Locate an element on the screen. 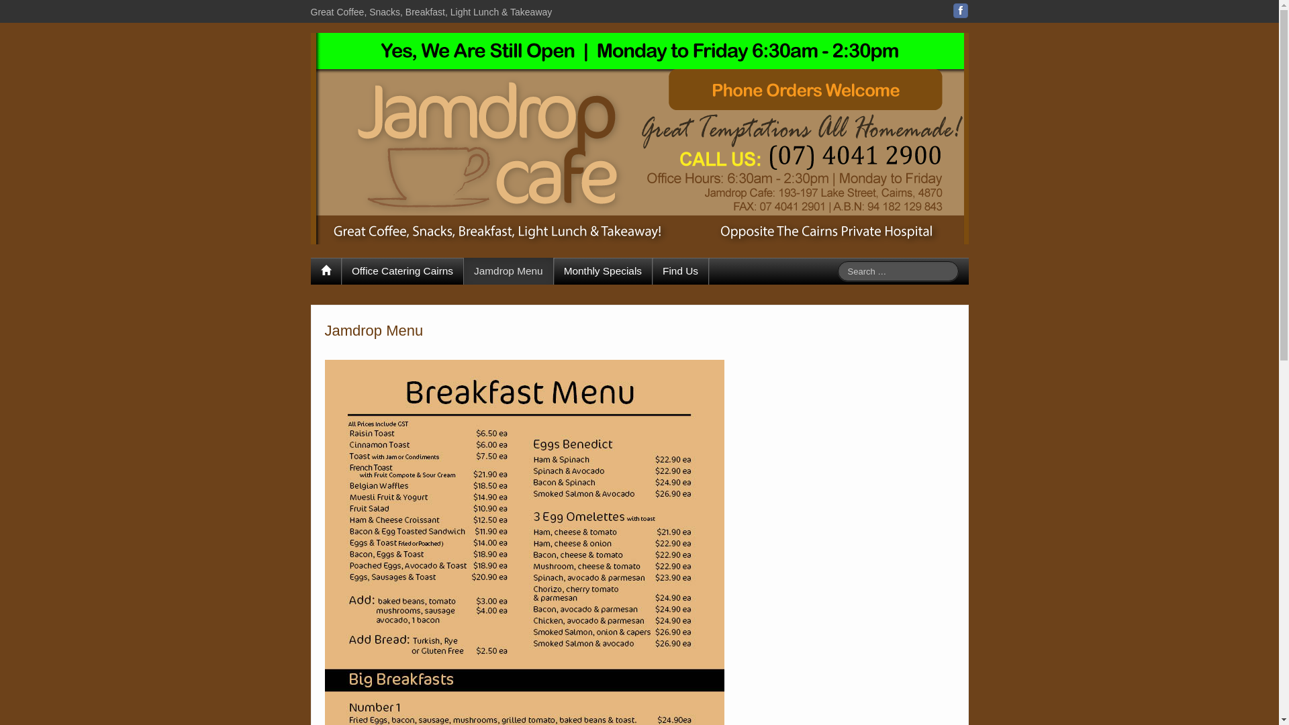 Image resolution: width=1289 pixels, height=725 pixels. 'Jamdrop Menu' is located at coordinates (508, 271).